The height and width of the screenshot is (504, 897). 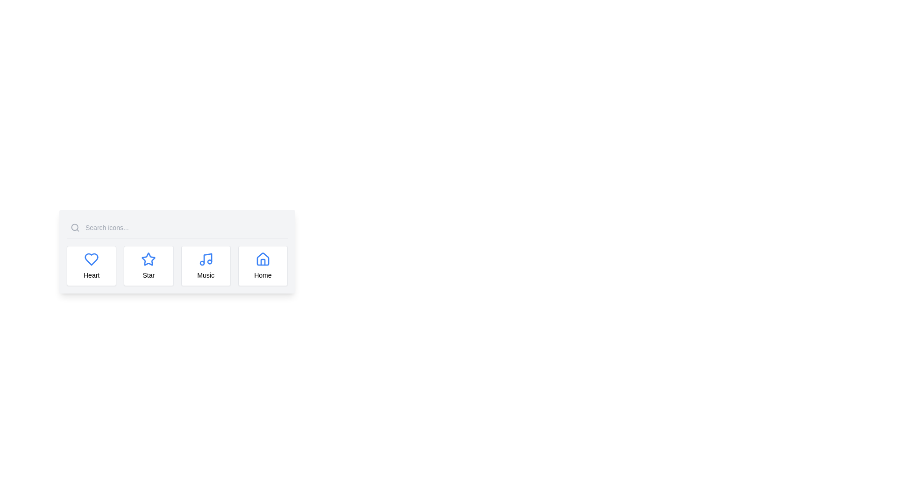 What do you see at coordinates (92, 259) in the screenshot?
I see `the blue outlined heart icon located above the label 'Heart'` at bounding box center [92, 259].